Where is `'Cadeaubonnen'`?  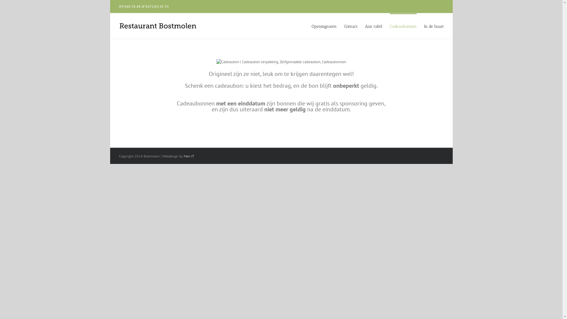 'Cadeaubonnen' is located at coordinates (390, 26).